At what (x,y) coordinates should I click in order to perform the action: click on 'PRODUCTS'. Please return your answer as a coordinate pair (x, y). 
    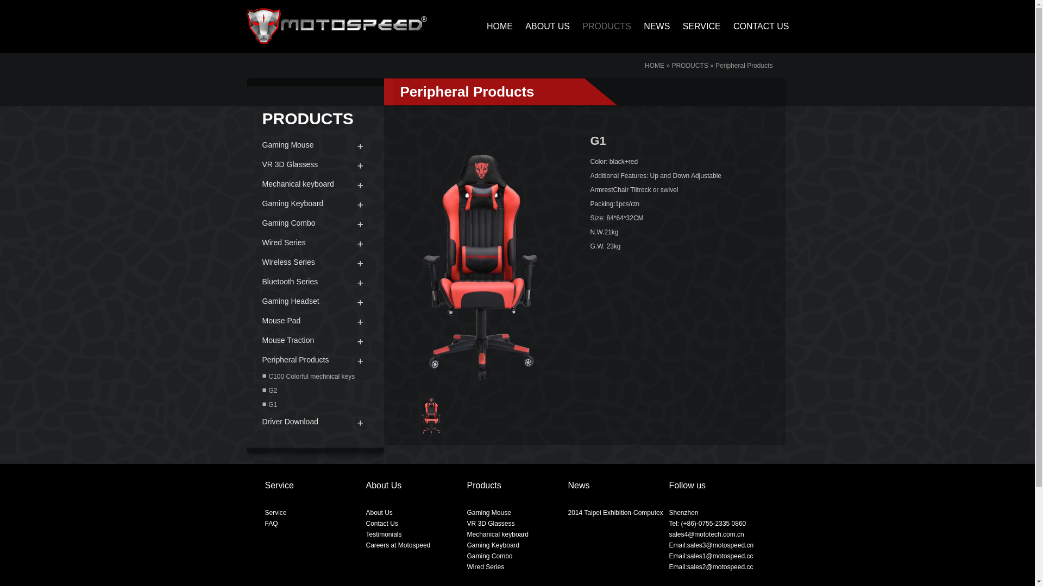
    Looking at the image, I should click on (671, 65).